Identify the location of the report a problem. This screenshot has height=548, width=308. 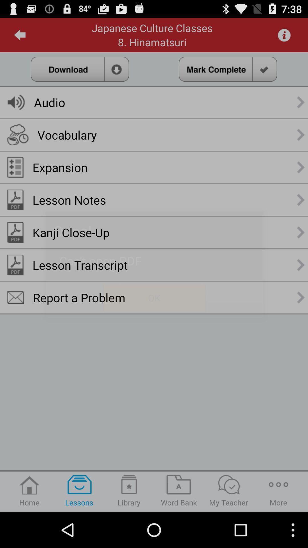
(79, 297).